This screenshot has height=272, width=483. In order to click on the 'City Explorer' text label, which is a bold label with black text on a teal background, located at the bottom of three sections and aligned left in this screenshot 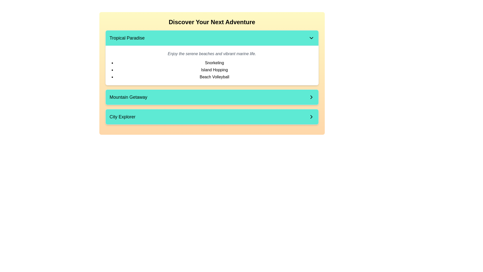, I will do `click(123, 117)`.